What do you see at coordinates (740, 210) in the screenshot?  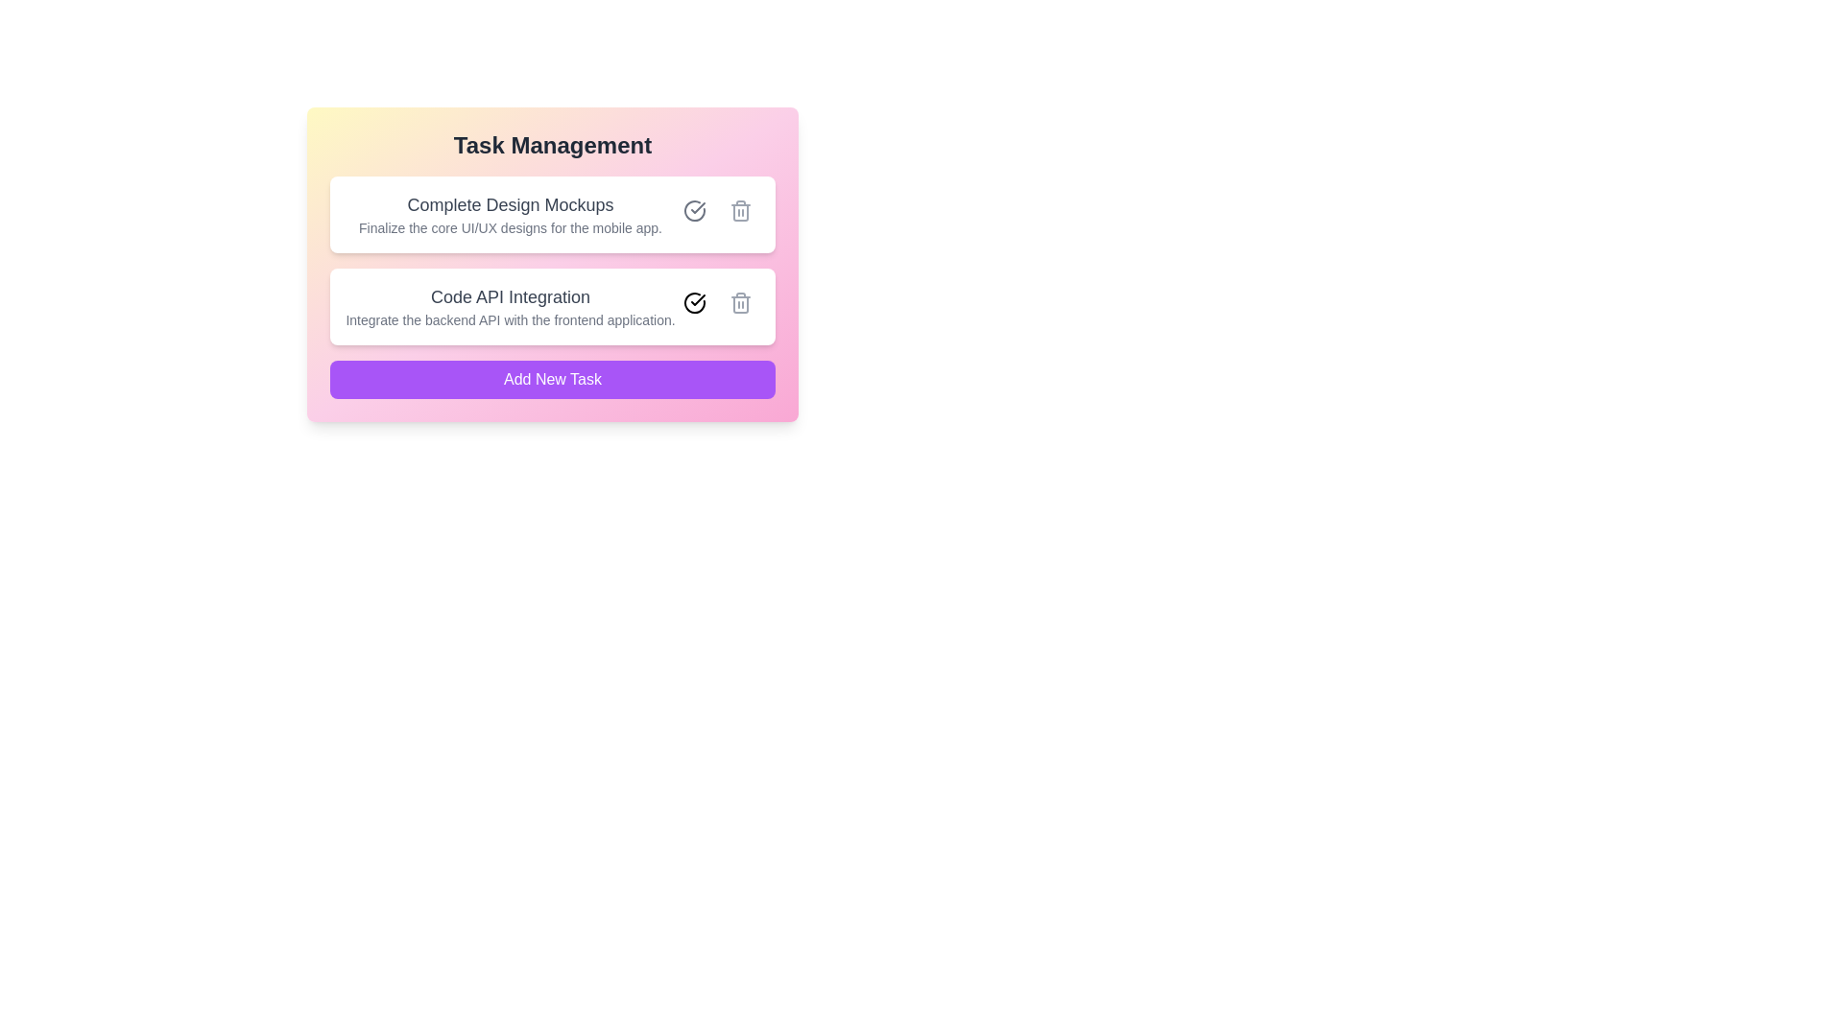 I see `delete button for the task with title 'Complete Design Mockups'` at bounding box center [740, 210].